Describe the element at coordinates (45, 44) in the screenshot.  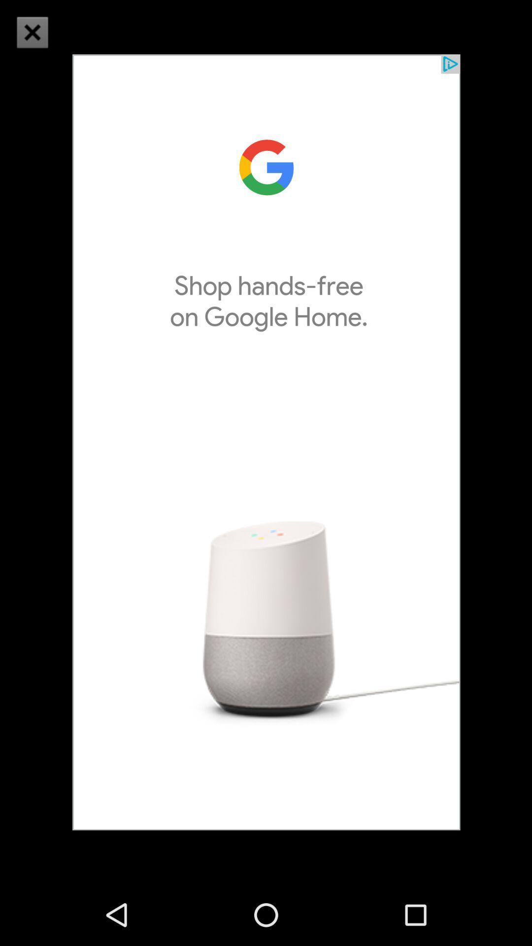
I see `the close icon` at that location.